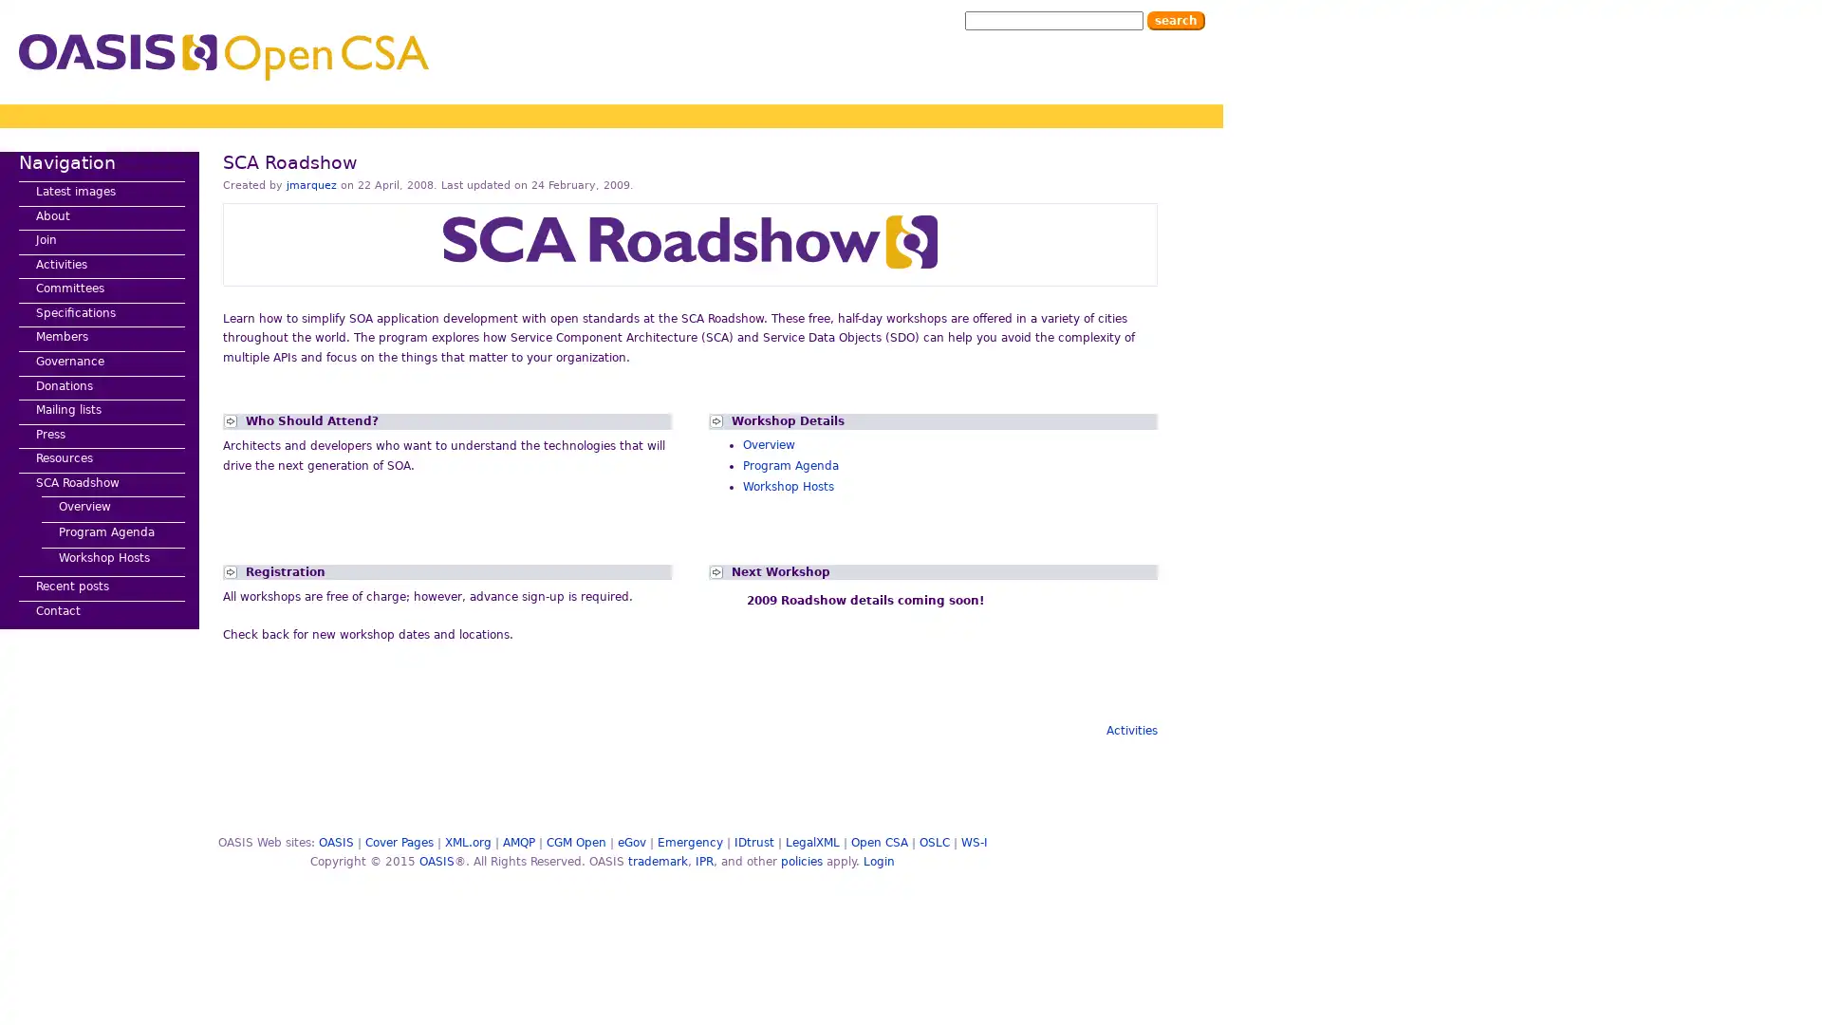 The image size is (1822, 1025). Describe the element at coordinates (1175, 21) in the screenshot. I see `Search` at that location.